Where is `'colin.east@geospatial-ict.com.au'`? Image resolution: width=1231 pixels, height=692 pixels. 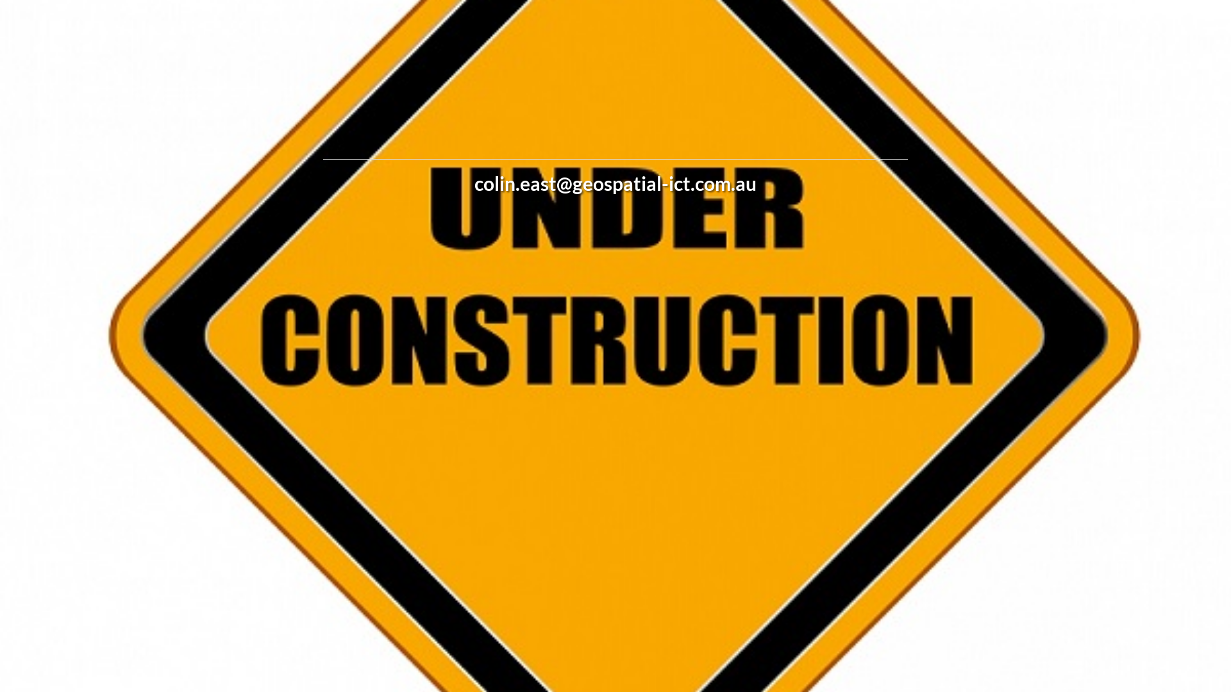
'colin.east@geospatial-ict.com.au' is located at coordinates (615, 183).